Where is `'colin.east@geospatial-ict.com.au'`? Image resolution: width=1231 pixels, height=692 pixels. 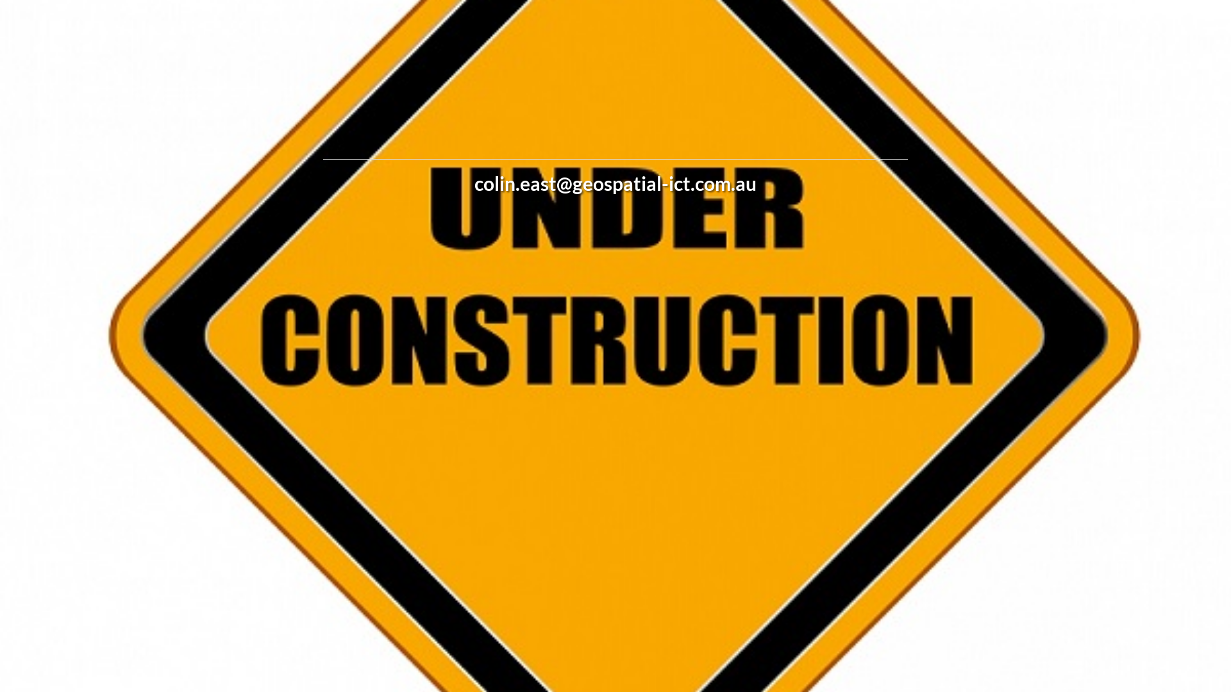
'colin.east@geospatial-ict.com.au' is located at coordinates (615, 183).